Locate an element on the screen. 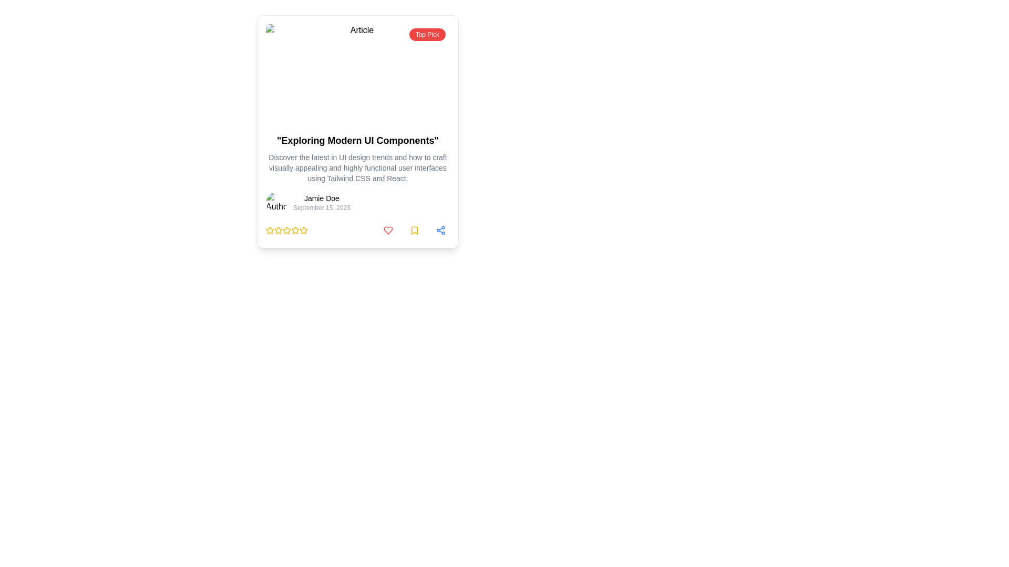 This screenshot has width=1009, height=567. the blue icon with three interconnected circular nodes located at the bottom-right corner of the card to share is located at coordinates (441, 230).